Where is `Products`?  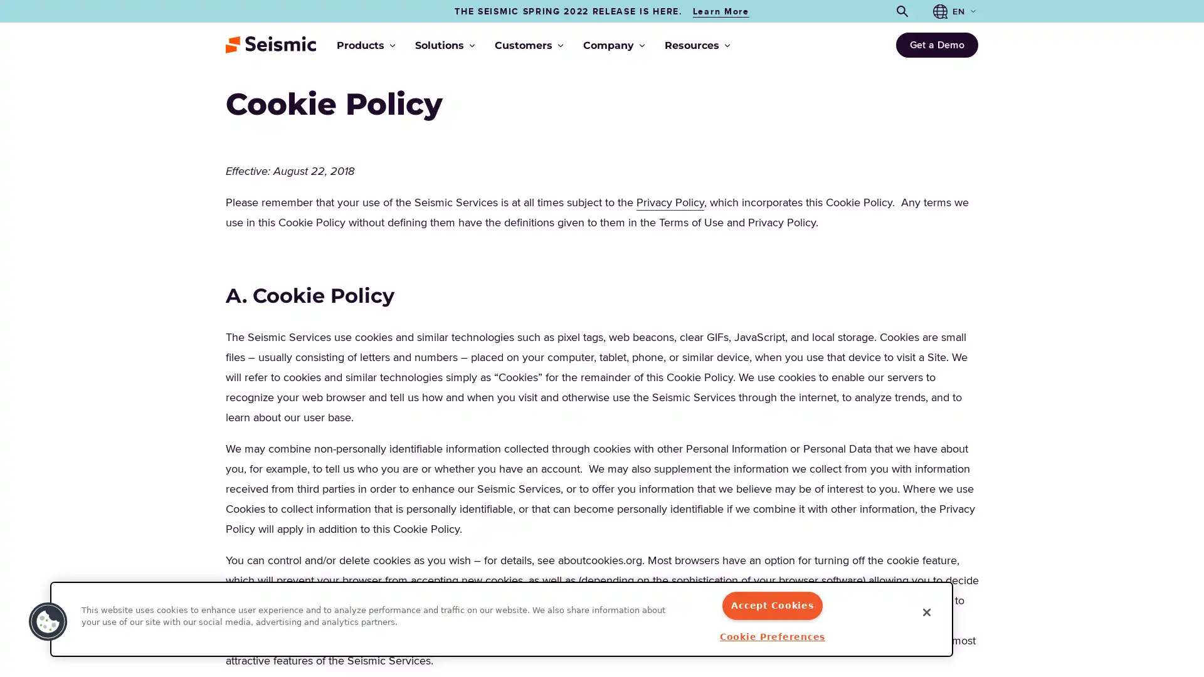
Products is located at coordinates (366, 47).